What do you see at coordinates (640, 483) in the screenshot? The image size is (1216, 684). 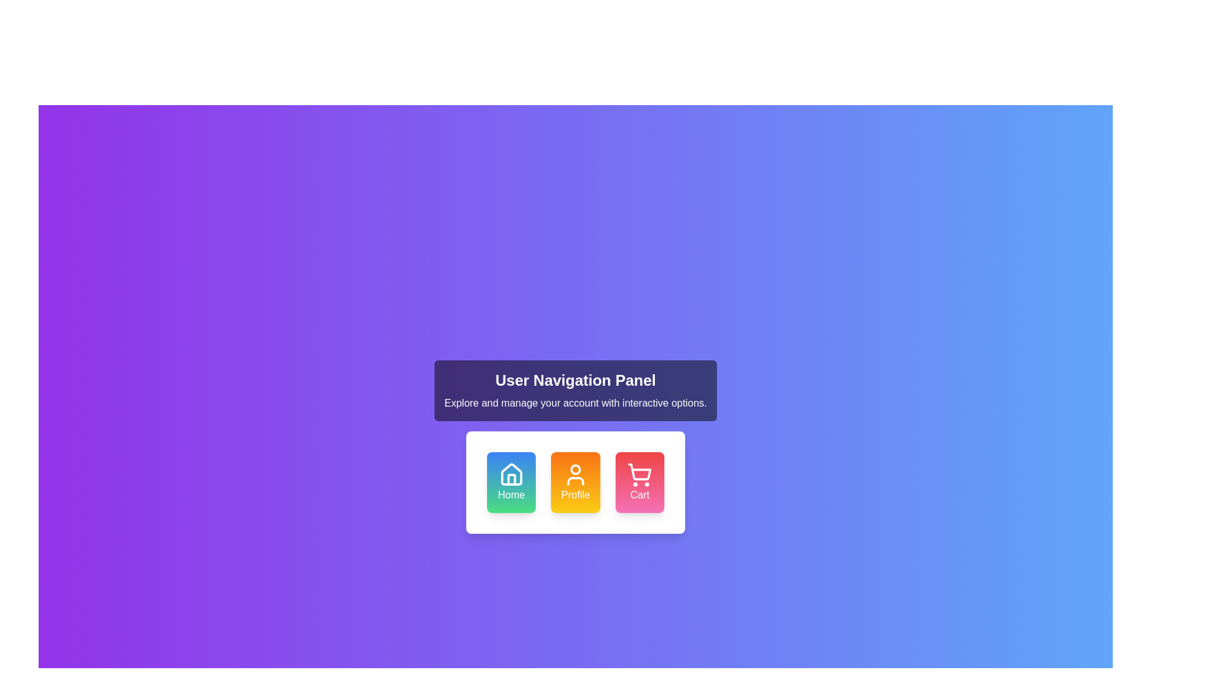 I see `the shopping cart button located as the third button in the bottom navigation panel` at bounding box center [640, 483].